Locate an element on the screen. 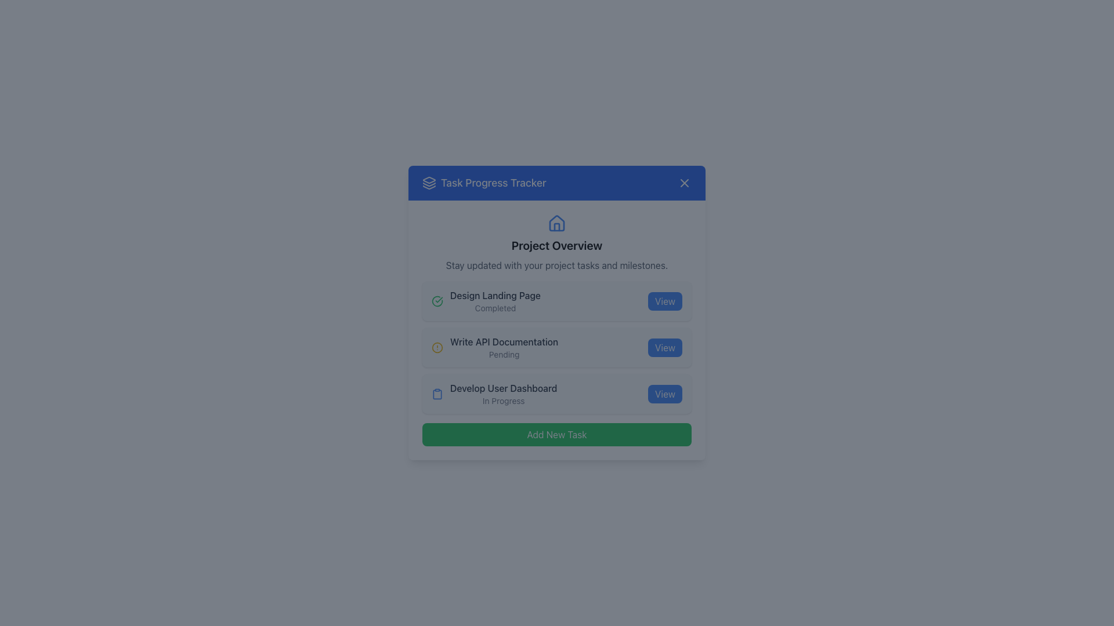 This screenshot has height=626, width=1114. text label 'Project Overview', which is prominently displayed in bold and larger font, located centrally below a house icon and above a descriptive sentence is located at coordinates (557, 245).